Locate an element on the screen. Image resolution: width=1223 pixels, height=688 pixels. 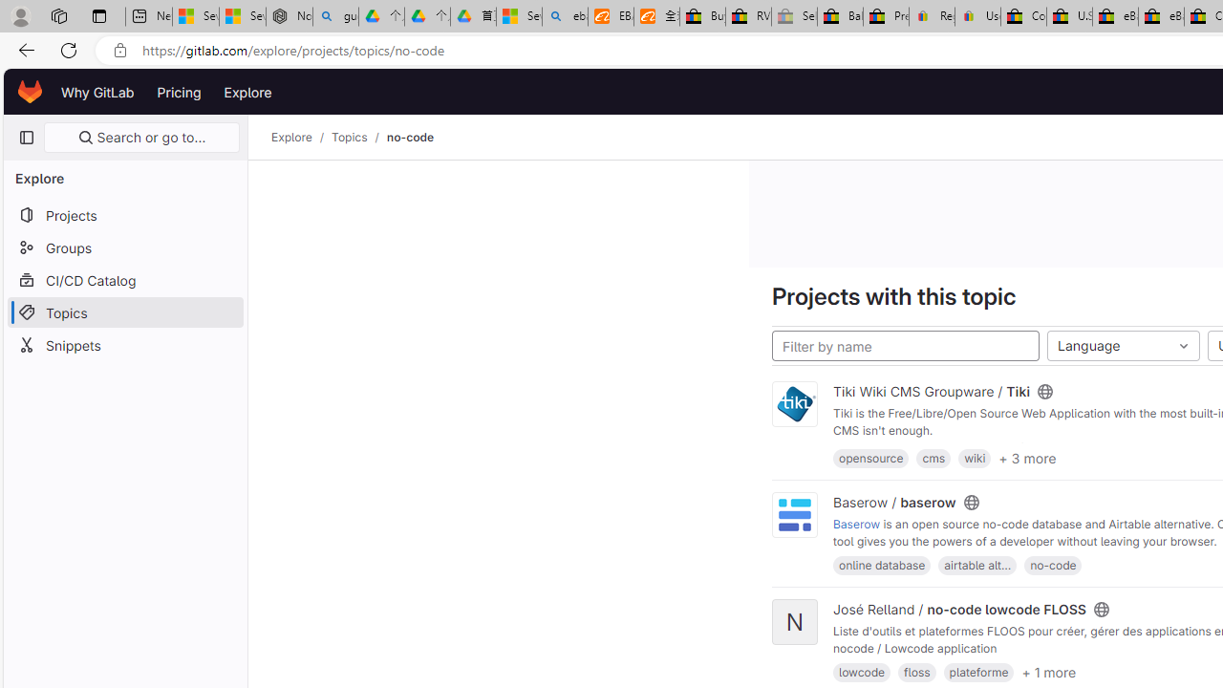
'Explore/' is located at coordinates (301, 137).